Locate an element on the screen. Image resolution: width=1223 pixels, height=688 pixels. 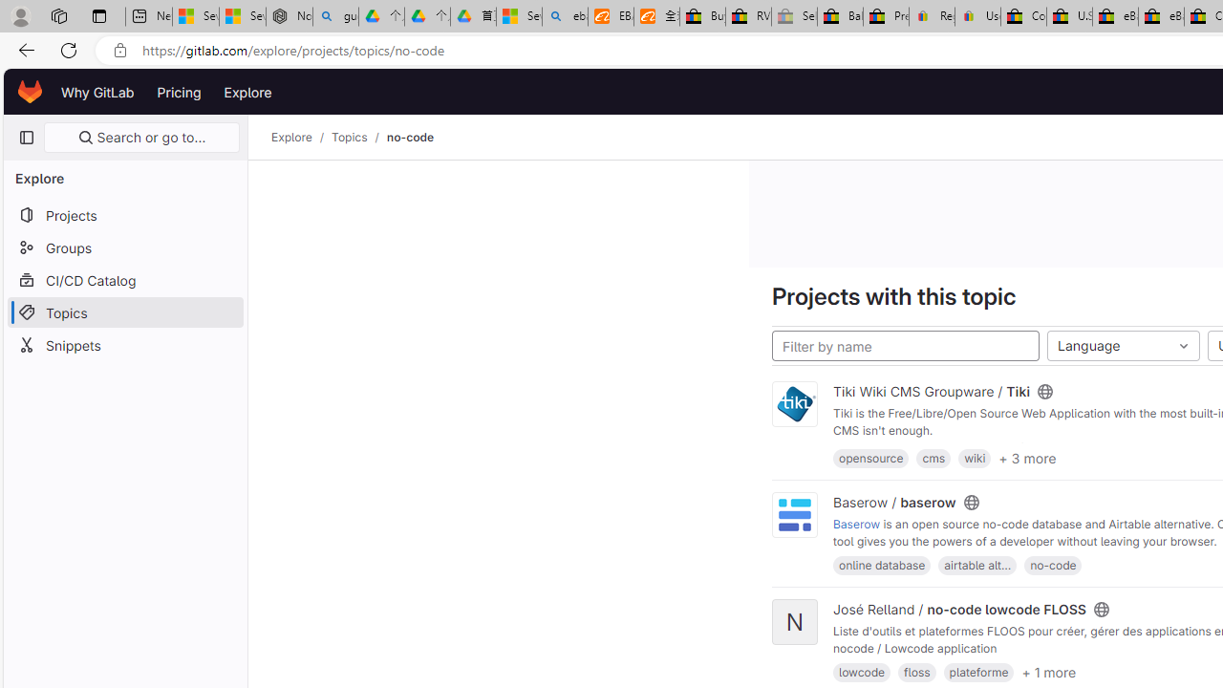
'Explore/' is located at coordinates (301, 137).